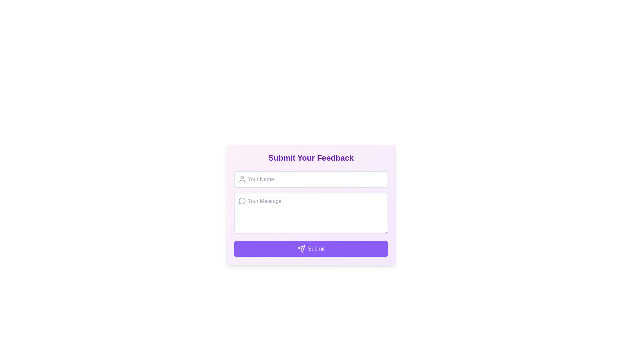 This screenshot has width=636, height=357. I want to click on the text label reading 'Submit Your Feedback', which is prominently positioned at the top of the feedback form and styled in bold, large purple font, so click(311, 158).